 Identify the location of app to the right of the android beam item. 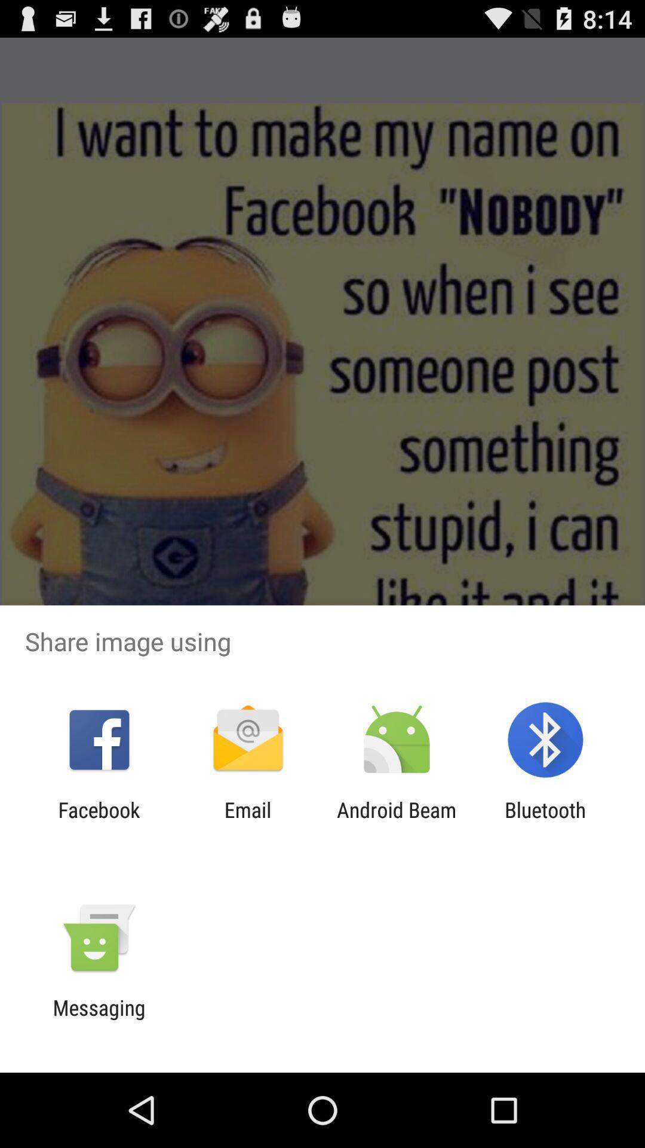
(545, 822).